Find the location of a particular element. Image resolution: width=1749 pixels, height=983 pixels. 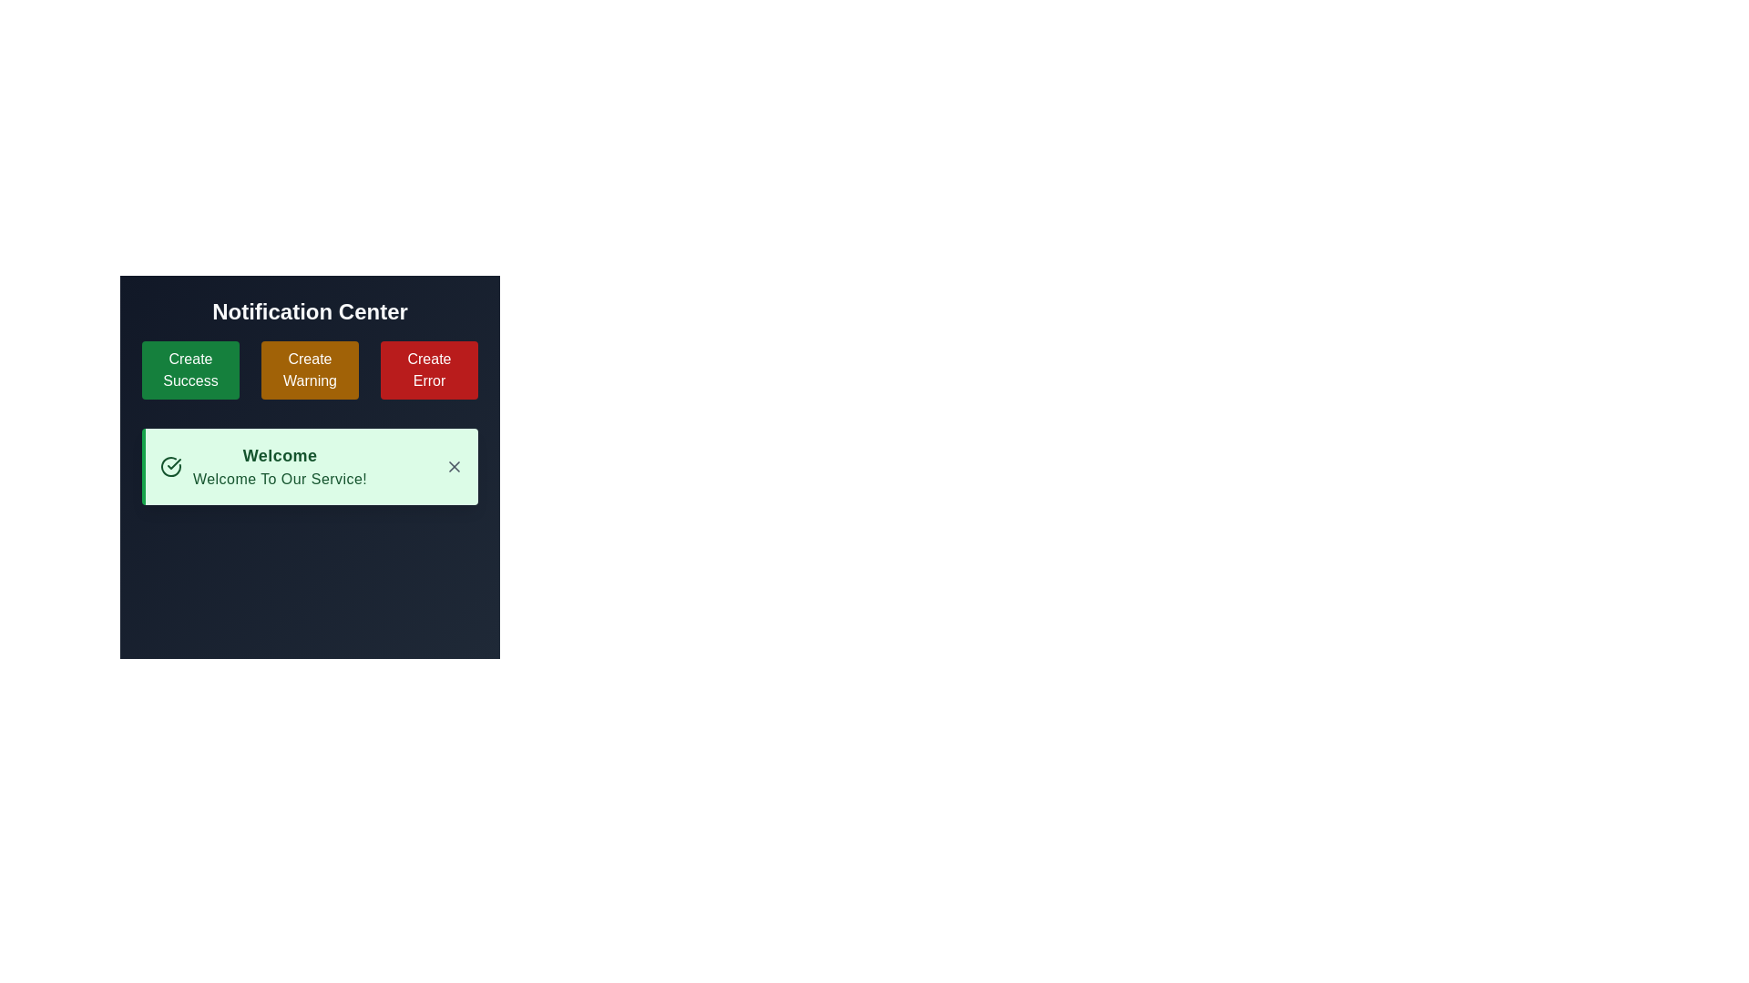

the text block titled 'Welcome' with subtitle 'Welcome to our service!' that is positioned in the main notification box, between a circular checkmark icon and a close button (X) is located at coordinates (279, 466).